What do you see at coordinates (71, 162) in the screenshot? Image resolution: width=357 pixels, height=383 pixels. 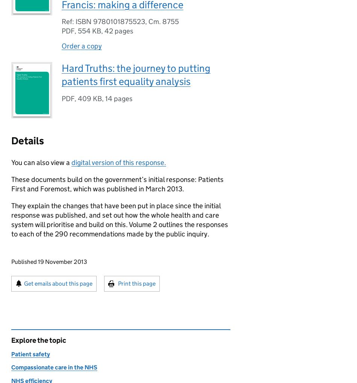 I see `'digital version of this response.'` at bounding box center [71, 162].